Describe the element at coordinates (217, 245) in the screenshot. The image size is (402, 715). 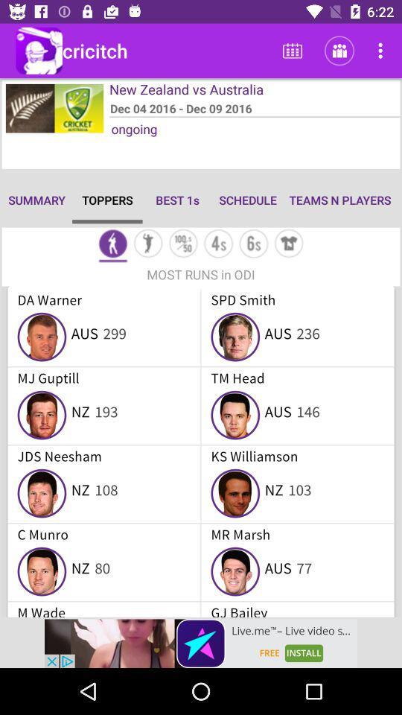
I see `4s toppers` at that location.